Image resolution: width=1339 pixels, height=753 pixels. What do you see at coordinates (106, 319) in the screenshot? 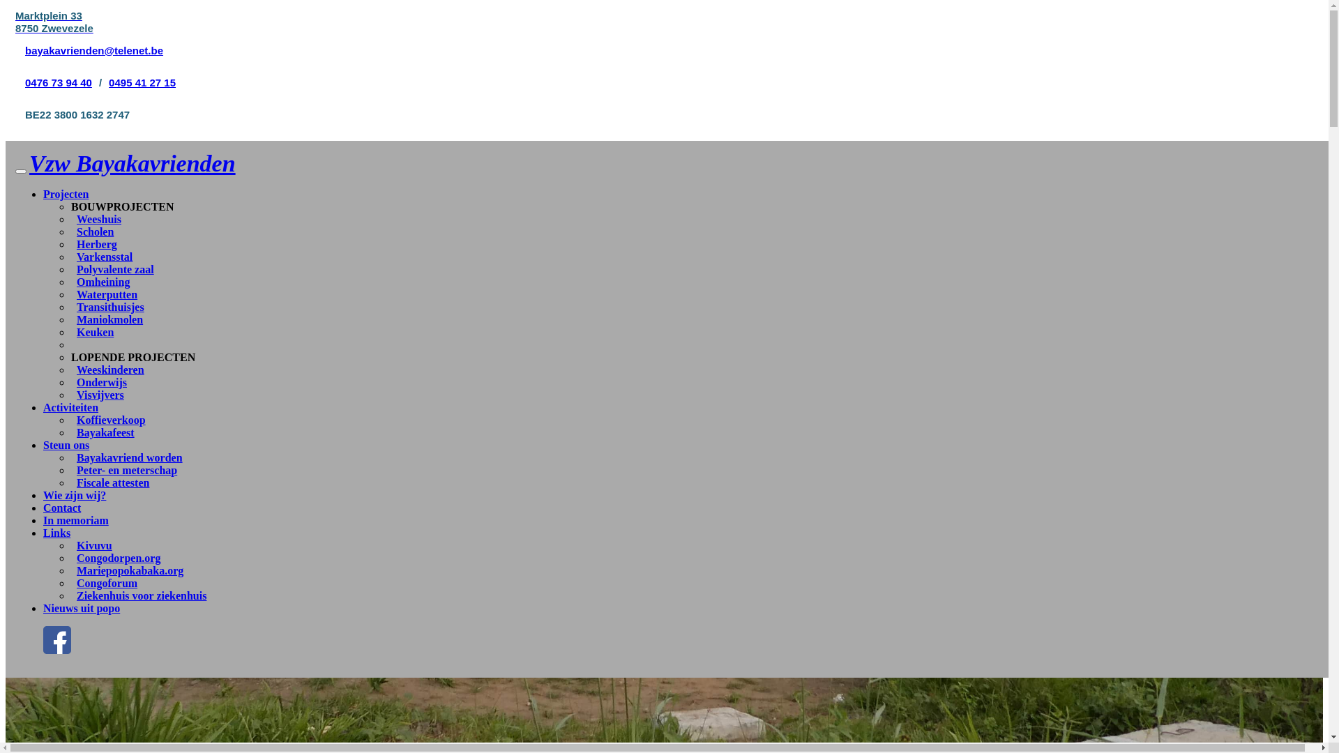
I see `'Maniokmolen'` at bounding box center [106, 319].